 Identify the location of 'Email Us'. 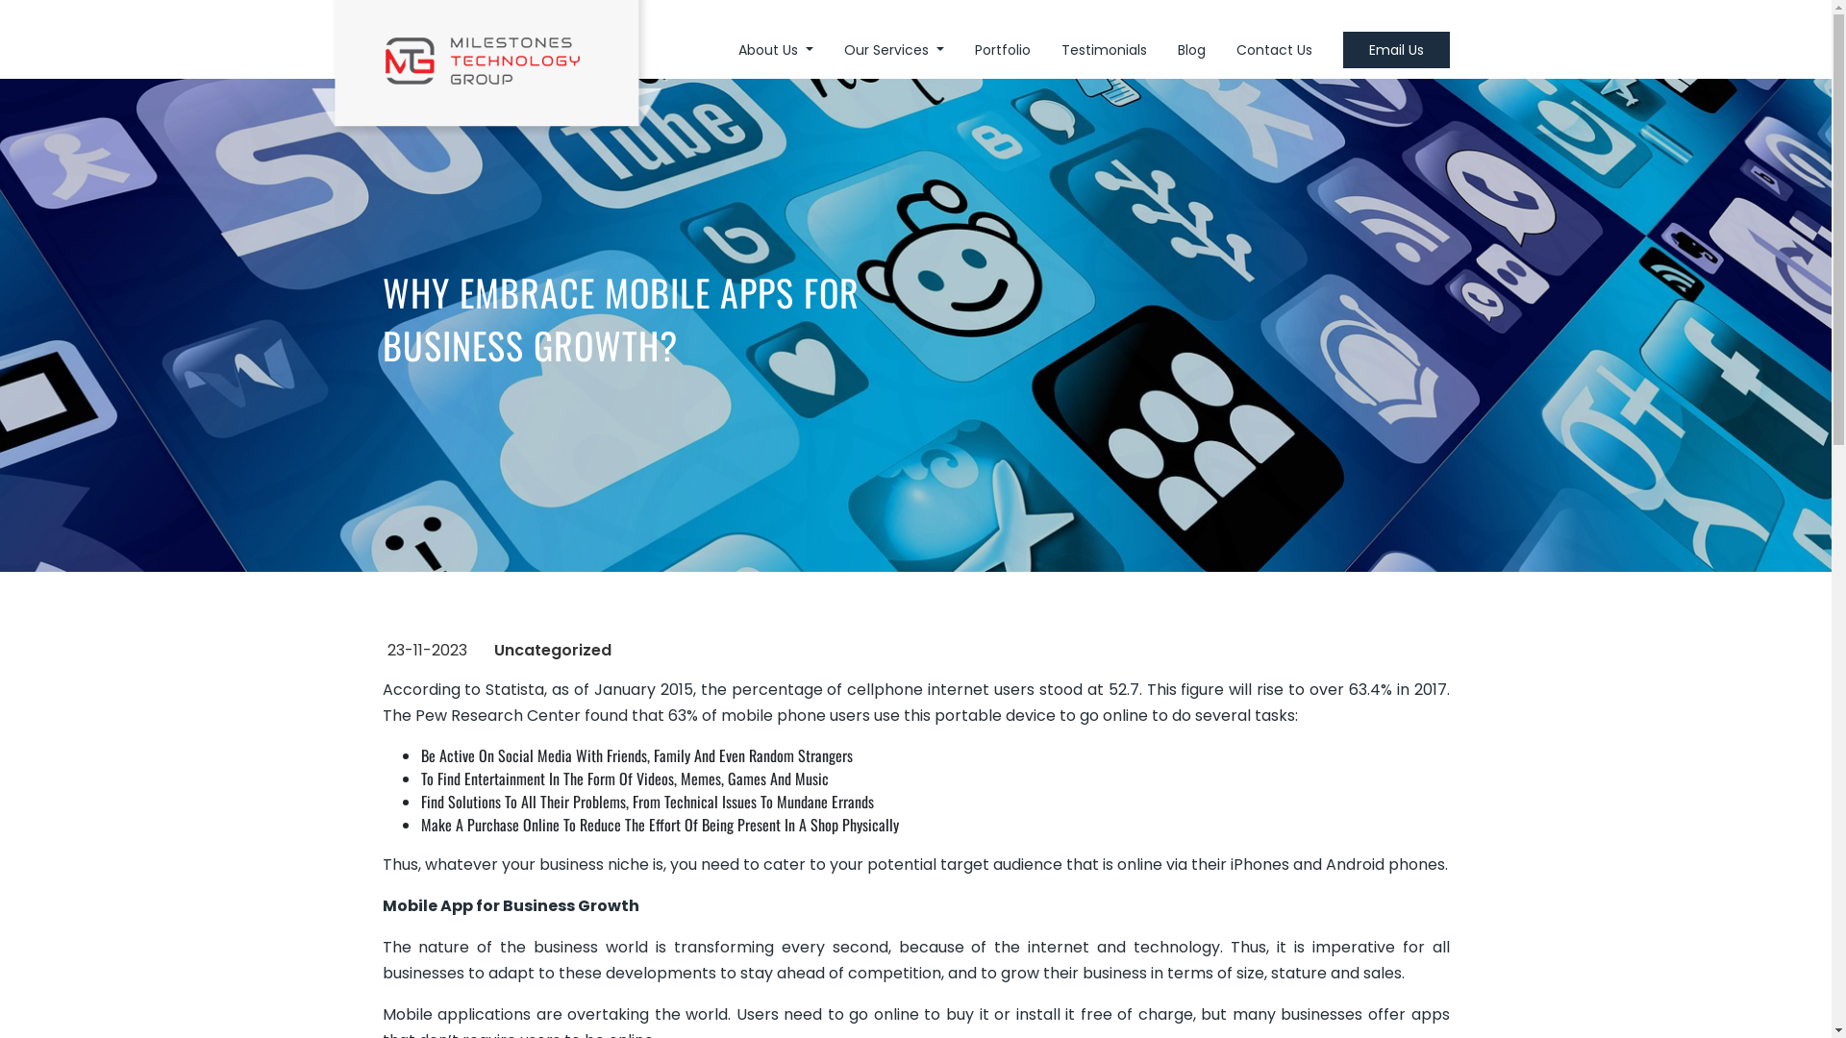
(1395, 48).